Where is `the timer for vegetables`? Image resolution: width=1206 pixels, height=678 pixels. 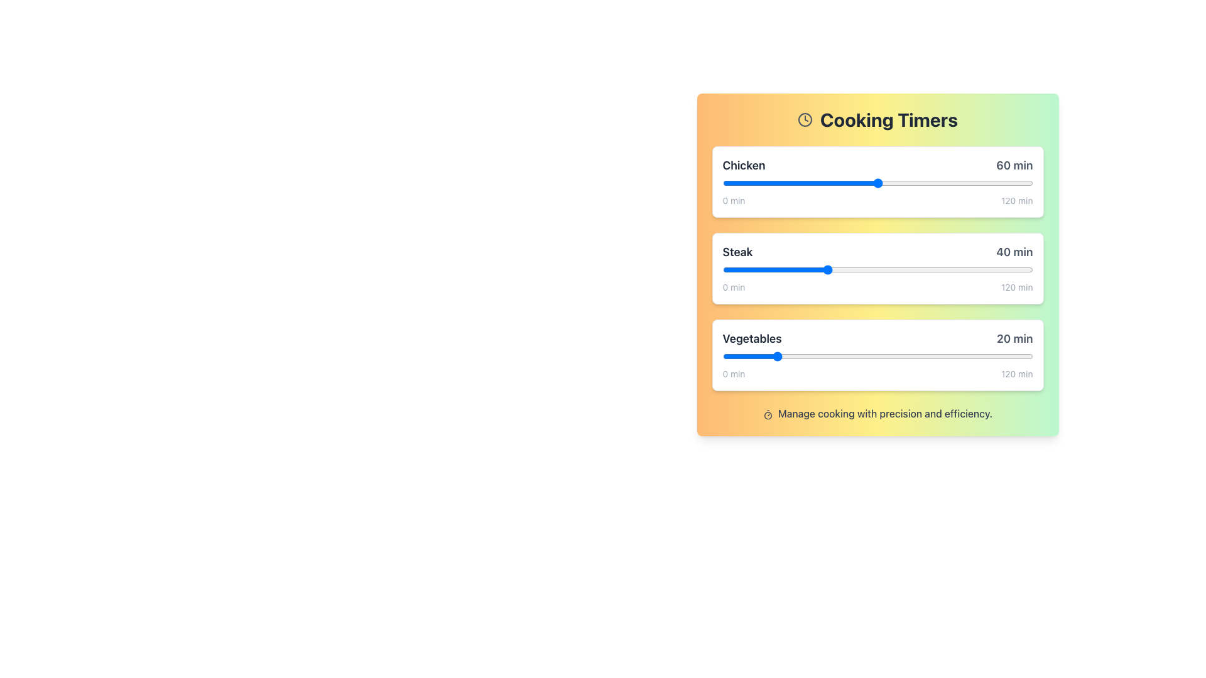 the timer for vegetables is located at coordinates (937, 356).